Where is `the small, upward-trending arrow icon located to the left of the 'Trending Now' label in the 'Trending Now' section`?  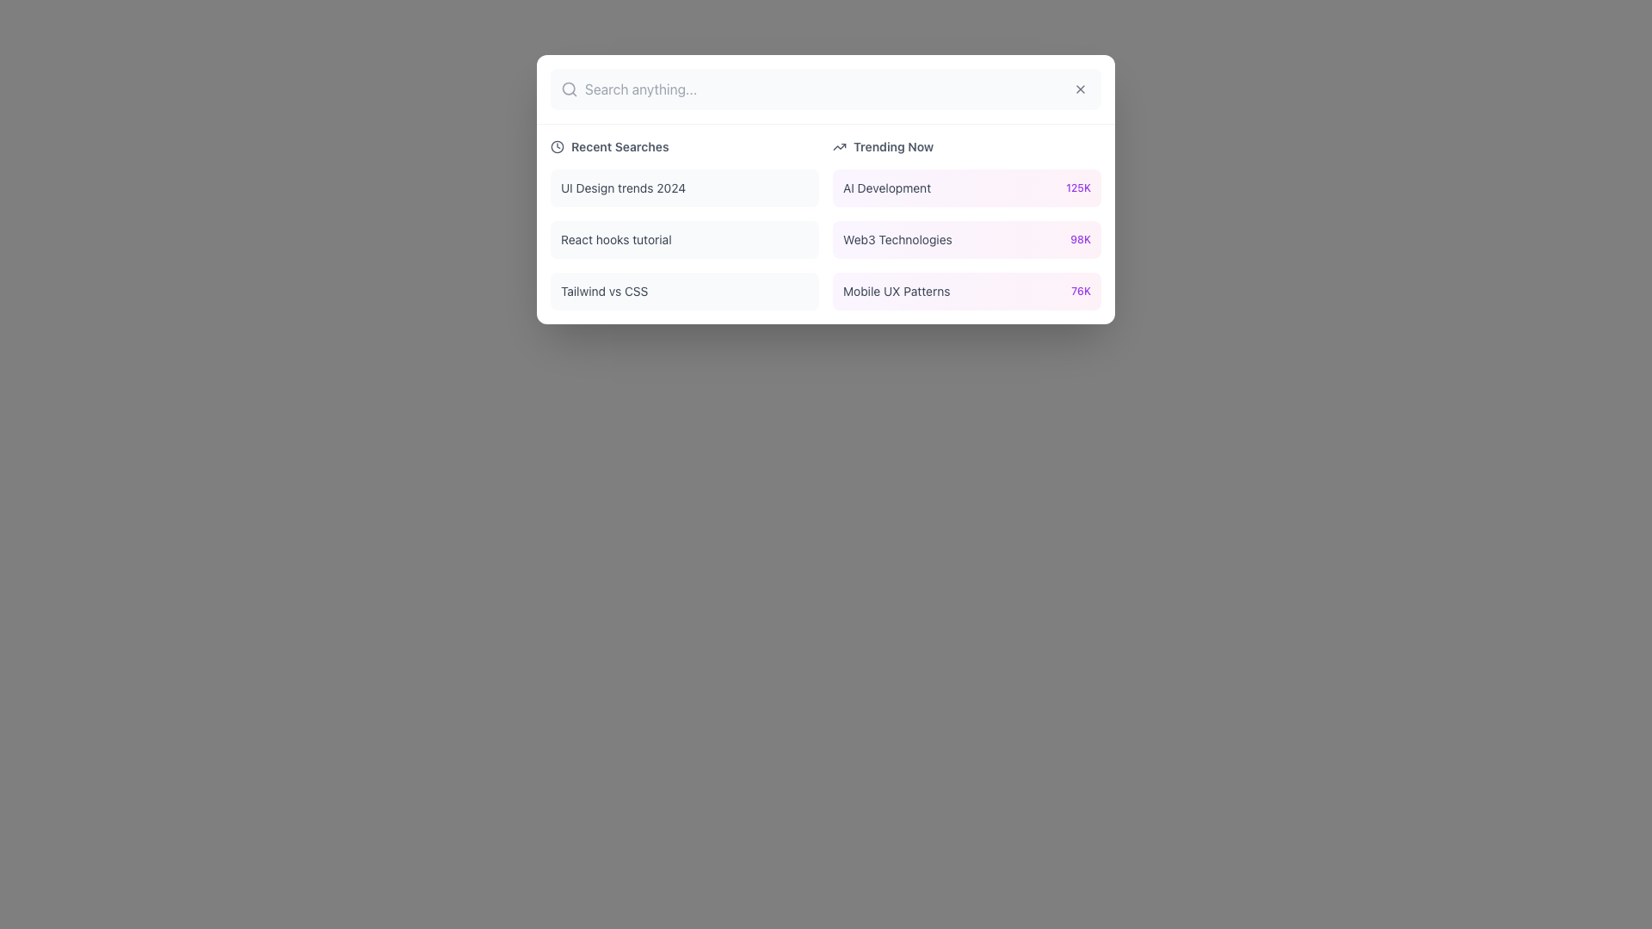 the small, upward-trending arrow icon located to the left of the 'Trending Now' label in the 'Trending Now' section is located at coordinates (839, 145).